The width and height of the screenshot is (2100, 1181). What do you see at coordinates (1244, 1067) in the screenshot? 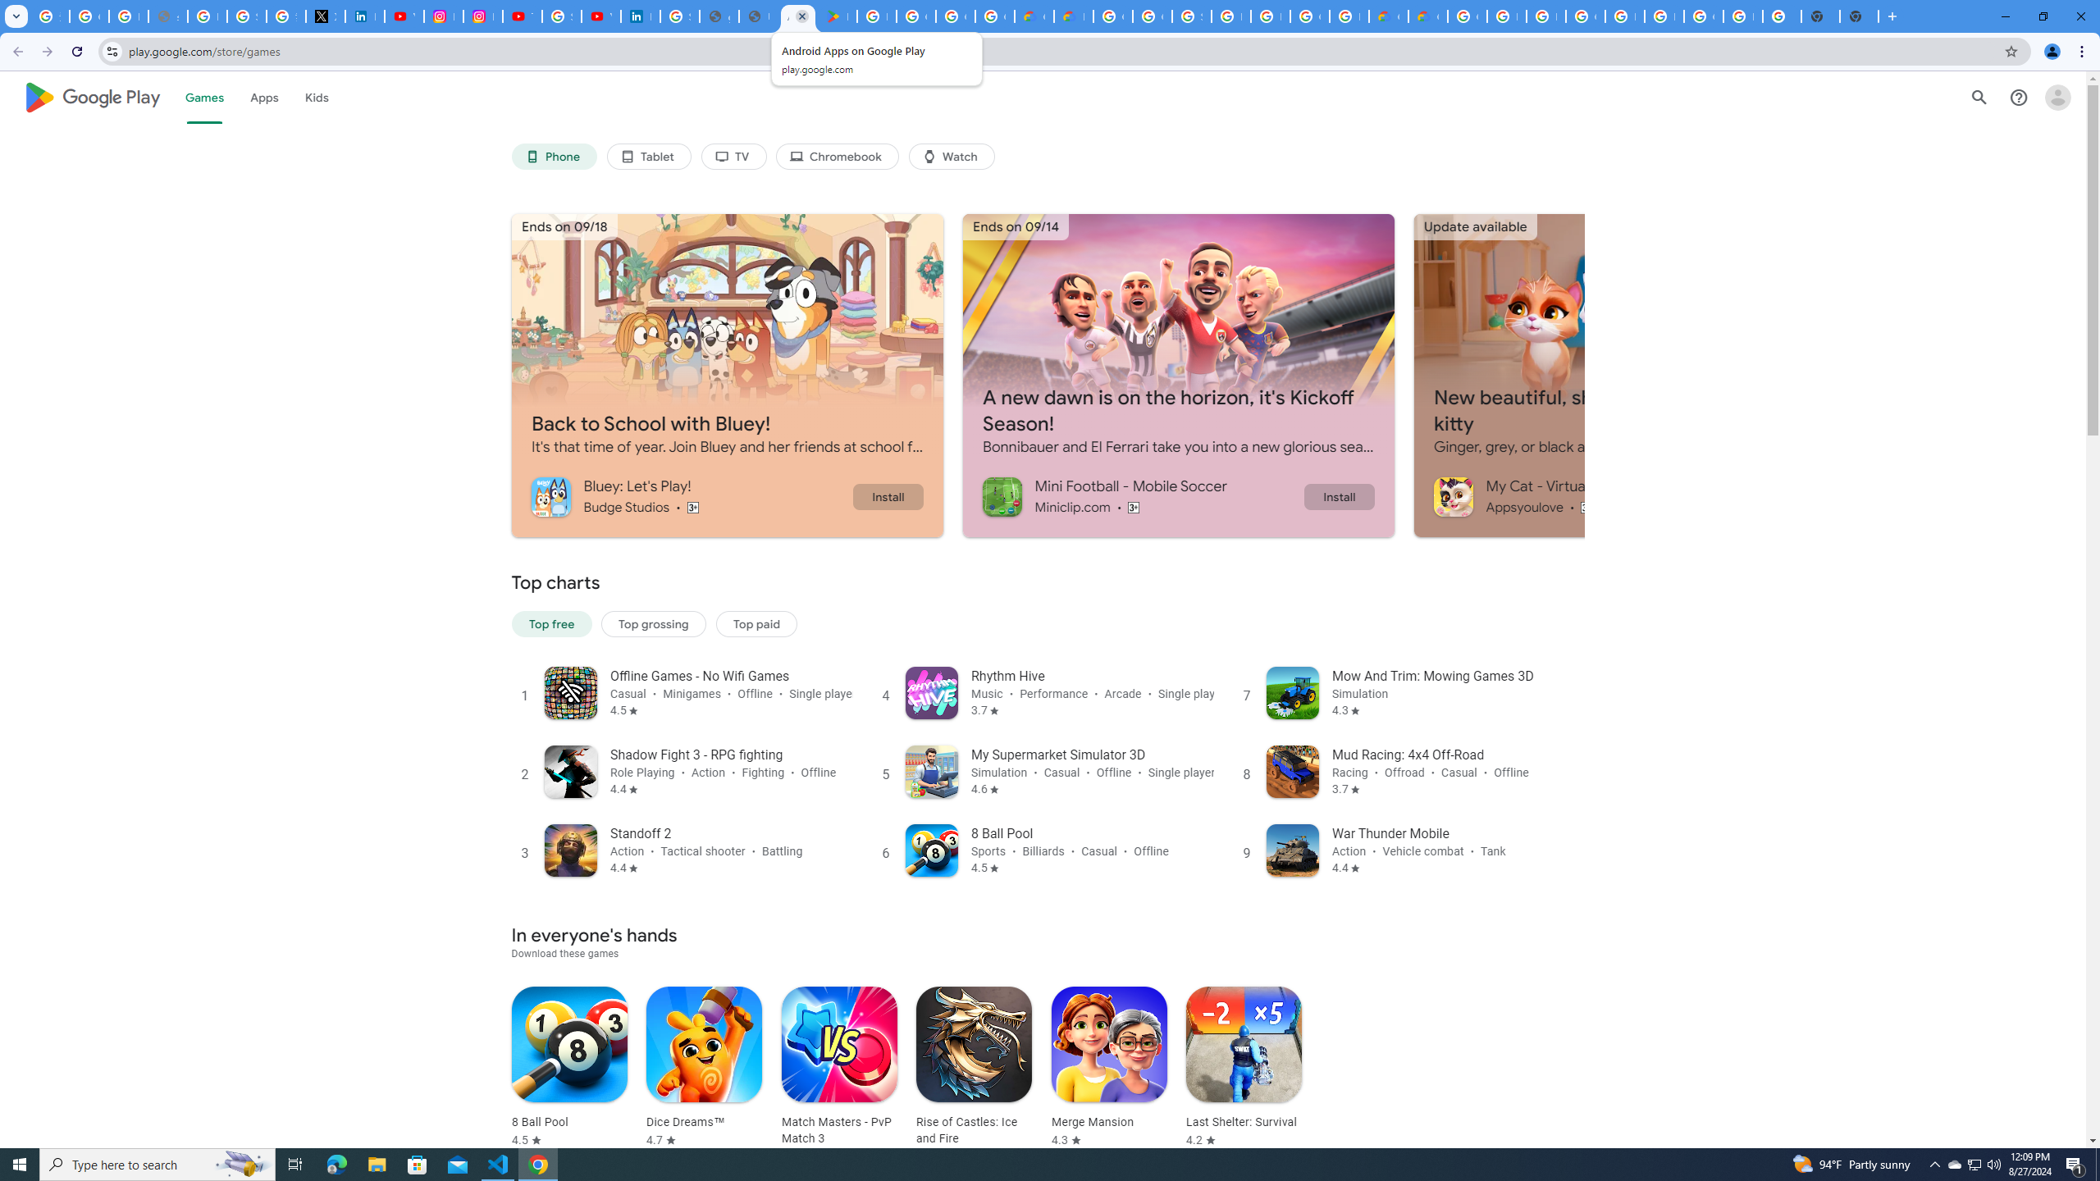
I see `'Last Shelter: Survival Rated 4.2 stars out of five stars'` at bounding box center [1244, 1067].